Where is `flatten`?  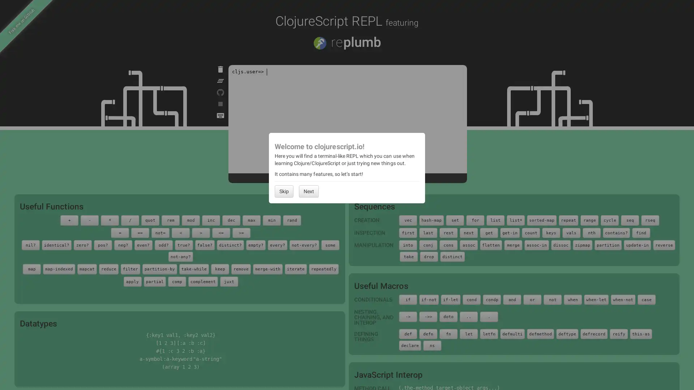
flatten is located at coordinates (491, 244).